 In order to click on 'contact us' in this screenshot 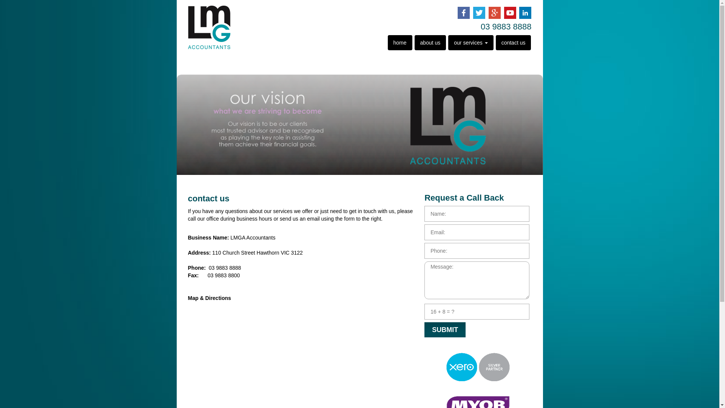, I will do `click(513, 42)`.